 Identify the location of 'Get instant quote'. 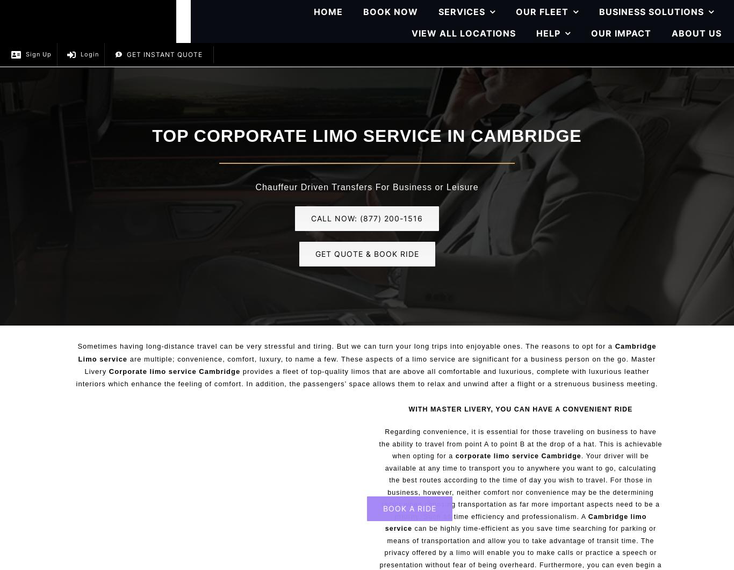
(127, 54).